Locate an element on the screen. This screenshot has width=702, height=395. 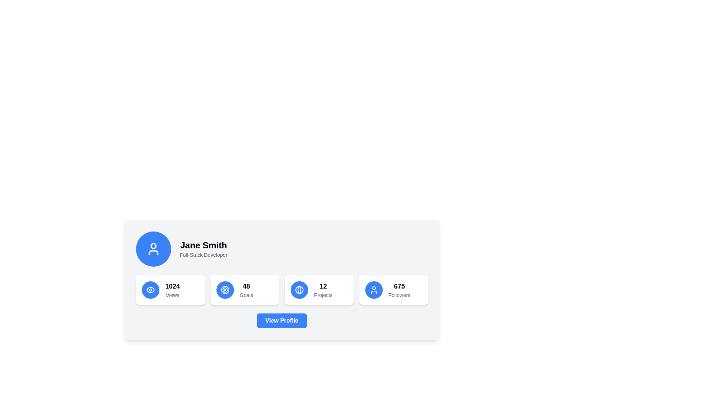
the numeric value representing the number of 'Followers' in the 'Followers' stat section of the profile, which is purely informational and displayed above the term 'Followers' is located at coordinates (399, 286).